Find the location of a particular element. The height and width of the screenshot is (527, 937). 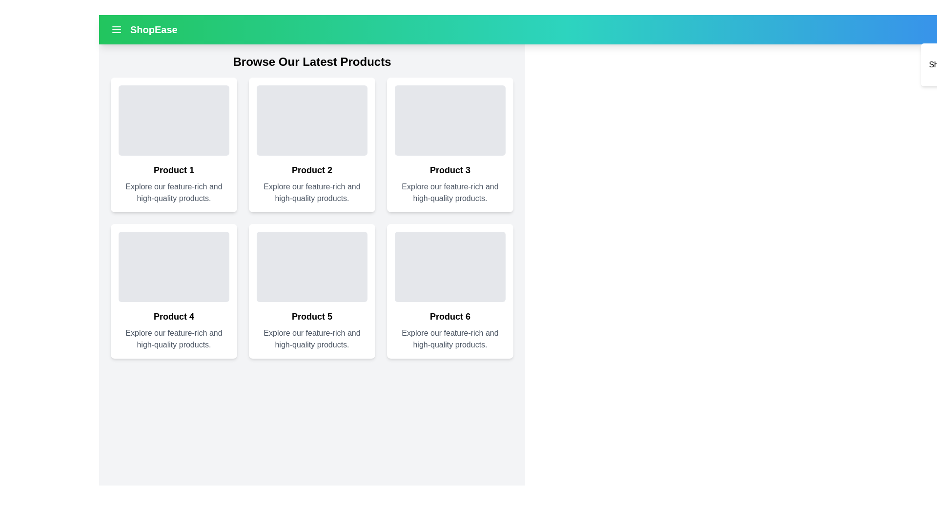

the Informational card displaying 'Product 4', which is the fourth card in a grid of six, located in the bottom-left corner and adjacent to 'Product 3' above and 'Product 5' to the right is located at coordinates (174, 291).